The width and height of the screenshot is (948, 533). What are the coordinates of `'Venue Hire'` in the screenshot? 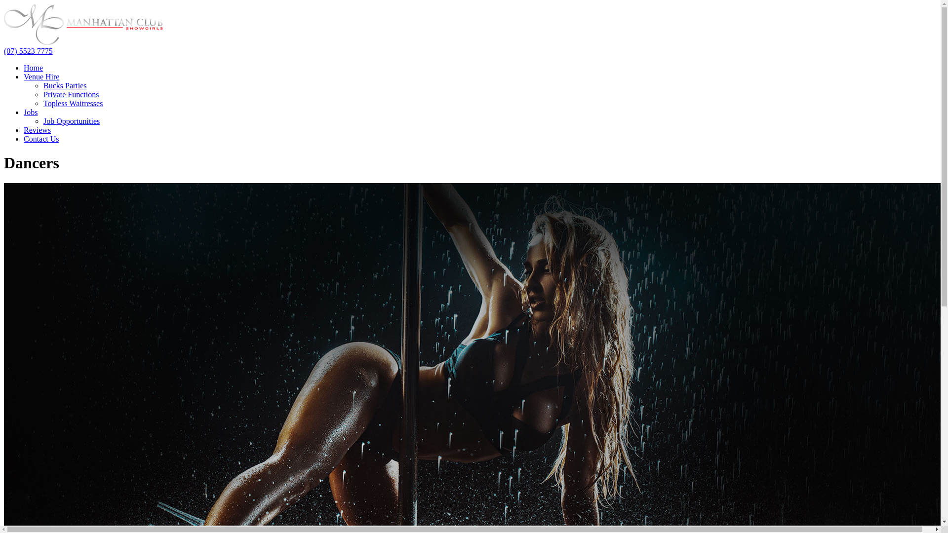 It's located at (40, 76).